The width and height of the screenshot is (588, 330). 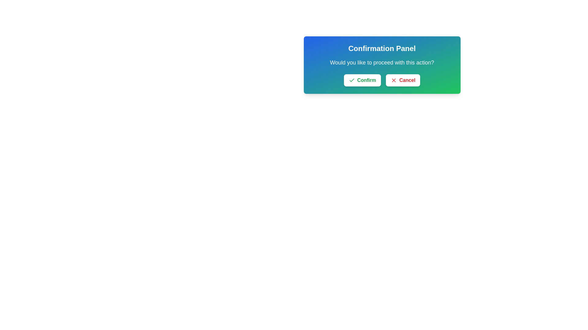 What do you see at coordinates (362, 80) in the screenshot?
I see `the 'Confirm' button, which has a white background, rounded corners, and green text with a checkmark icon` at bounding box center [362, 80].